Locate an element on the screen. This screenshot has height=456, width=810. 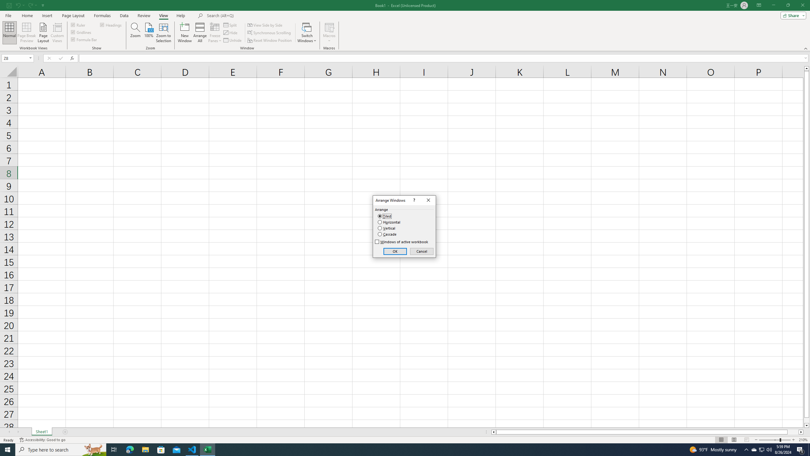
'Windows of active workbook' is located at coordinates (402, 241).